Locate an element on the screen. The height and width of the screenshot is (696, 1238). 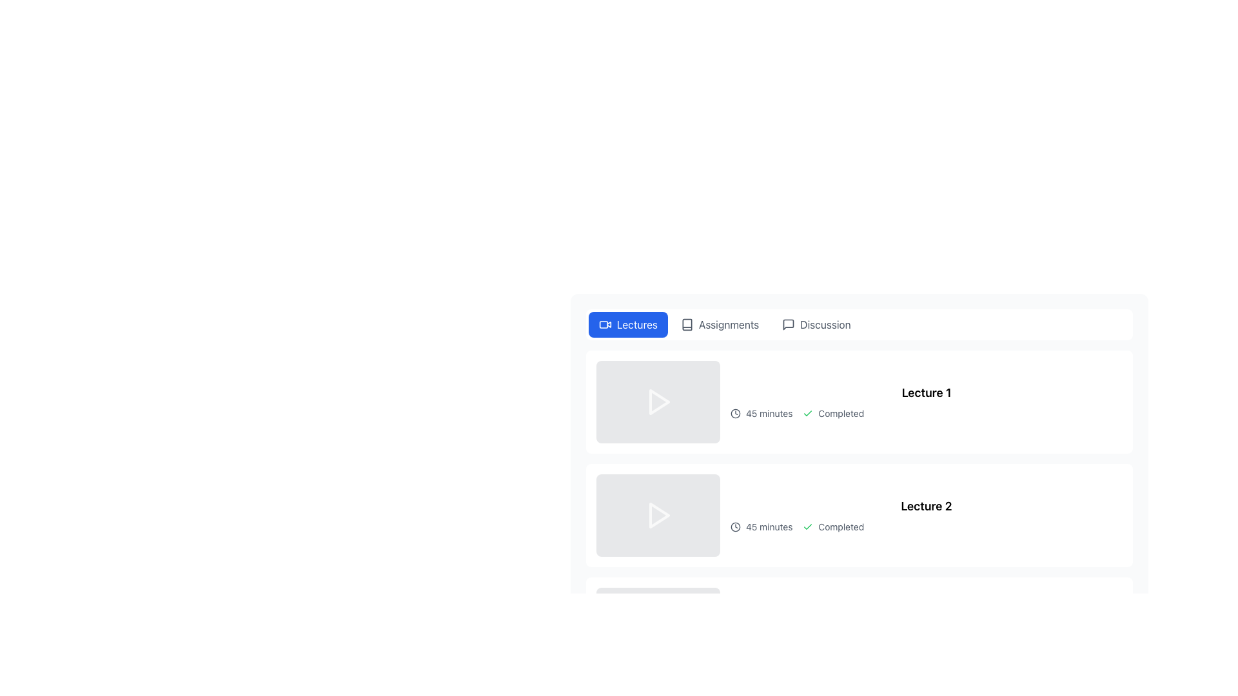
the green checkmark icon located after the text '45 minutes' and before 'Completed', which is styled with a circular stroke and a check shape inside is located at coordinates (807, 413).